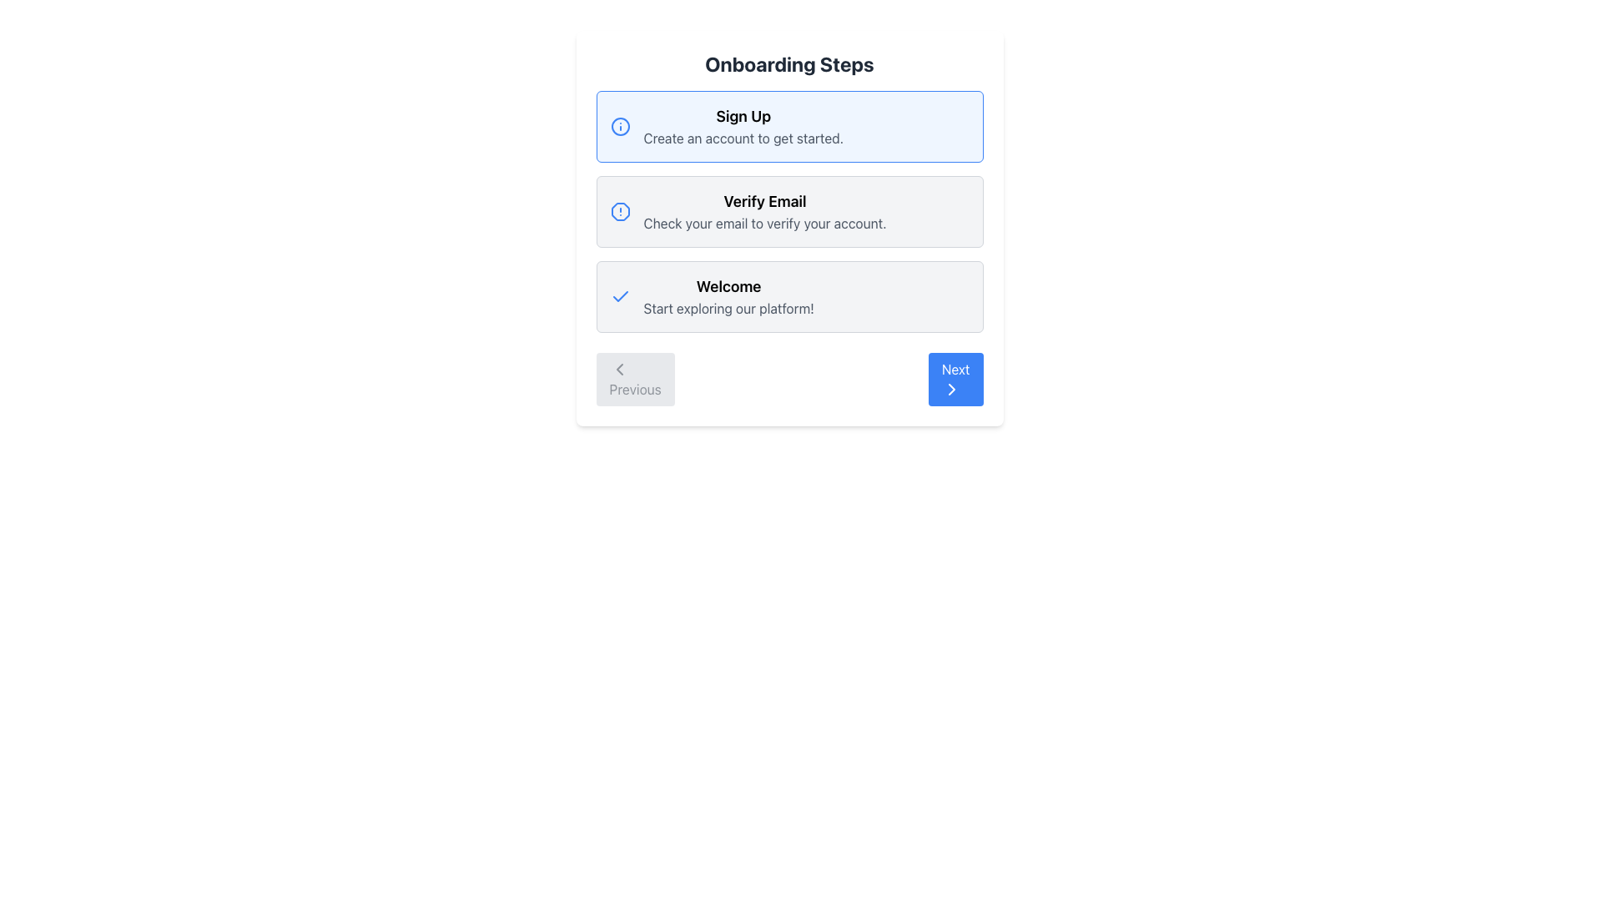 The height and width of the screenshot is (901, 1602). I want to click on the light blue rectangular section containing the 'Sign Up' heading and 'Create an account to get started.' subtext, which is the first section in a group of three, so click(788, 125).